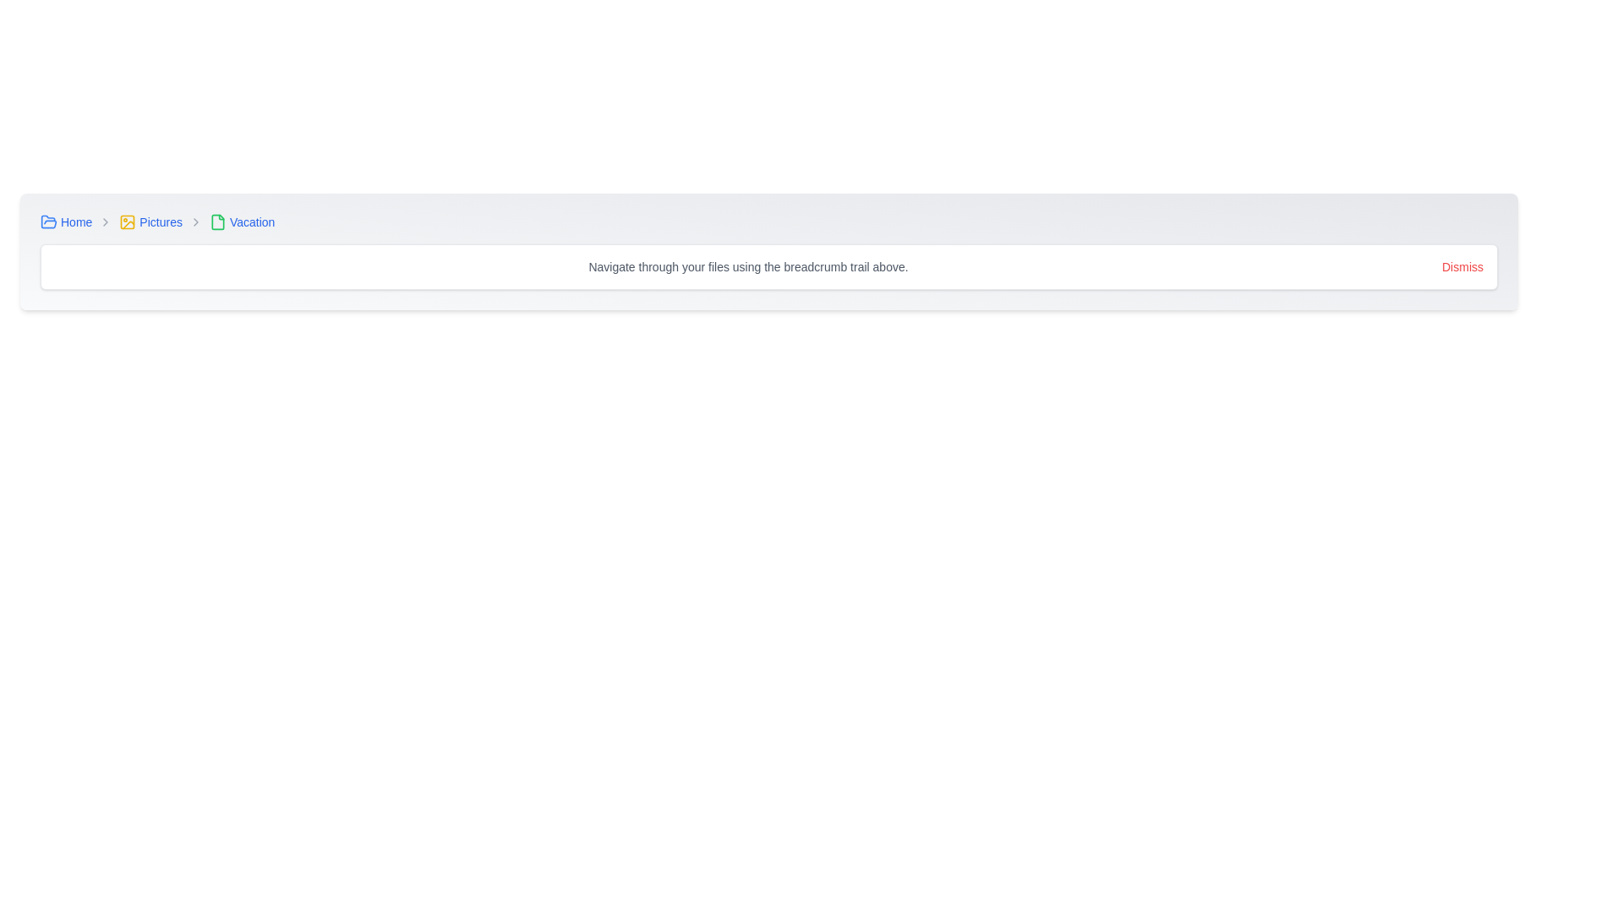 This screenshot has width=1623, height=913. I want to click on the breadcrumb navigation item labeled 'Pictures' which is represented by a yellow icon and blue text, so click(150, 221).